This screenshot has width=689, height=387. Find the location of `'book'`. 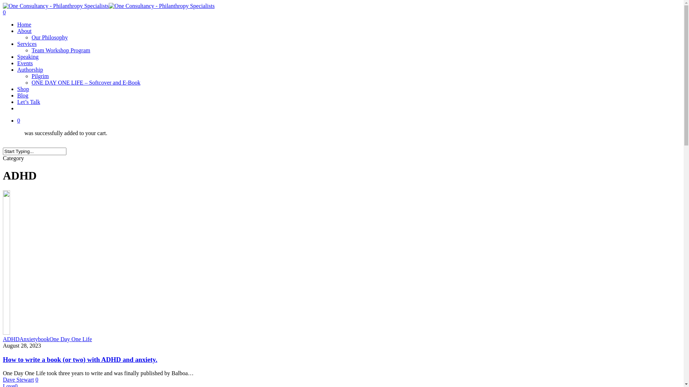

'book' is located at coordinates (43, 339).